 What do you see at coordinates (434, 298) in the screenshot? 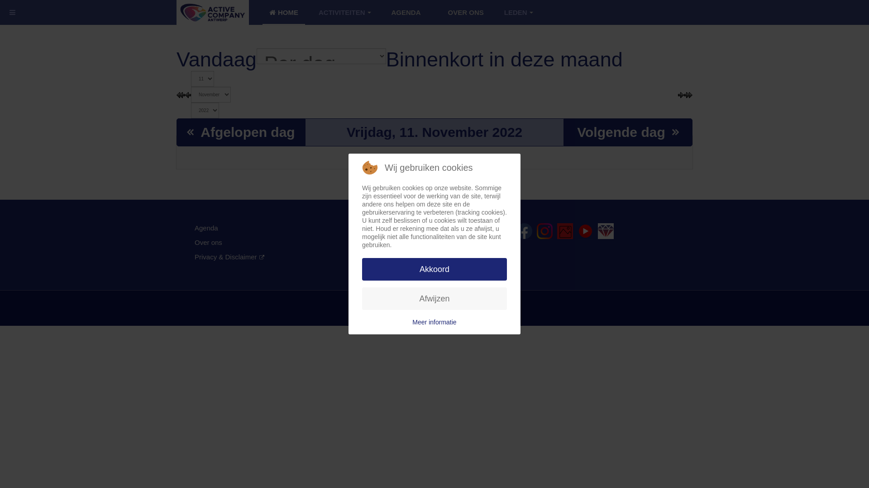
I see `'Afwijzen'` at bounding box center [434, 298].